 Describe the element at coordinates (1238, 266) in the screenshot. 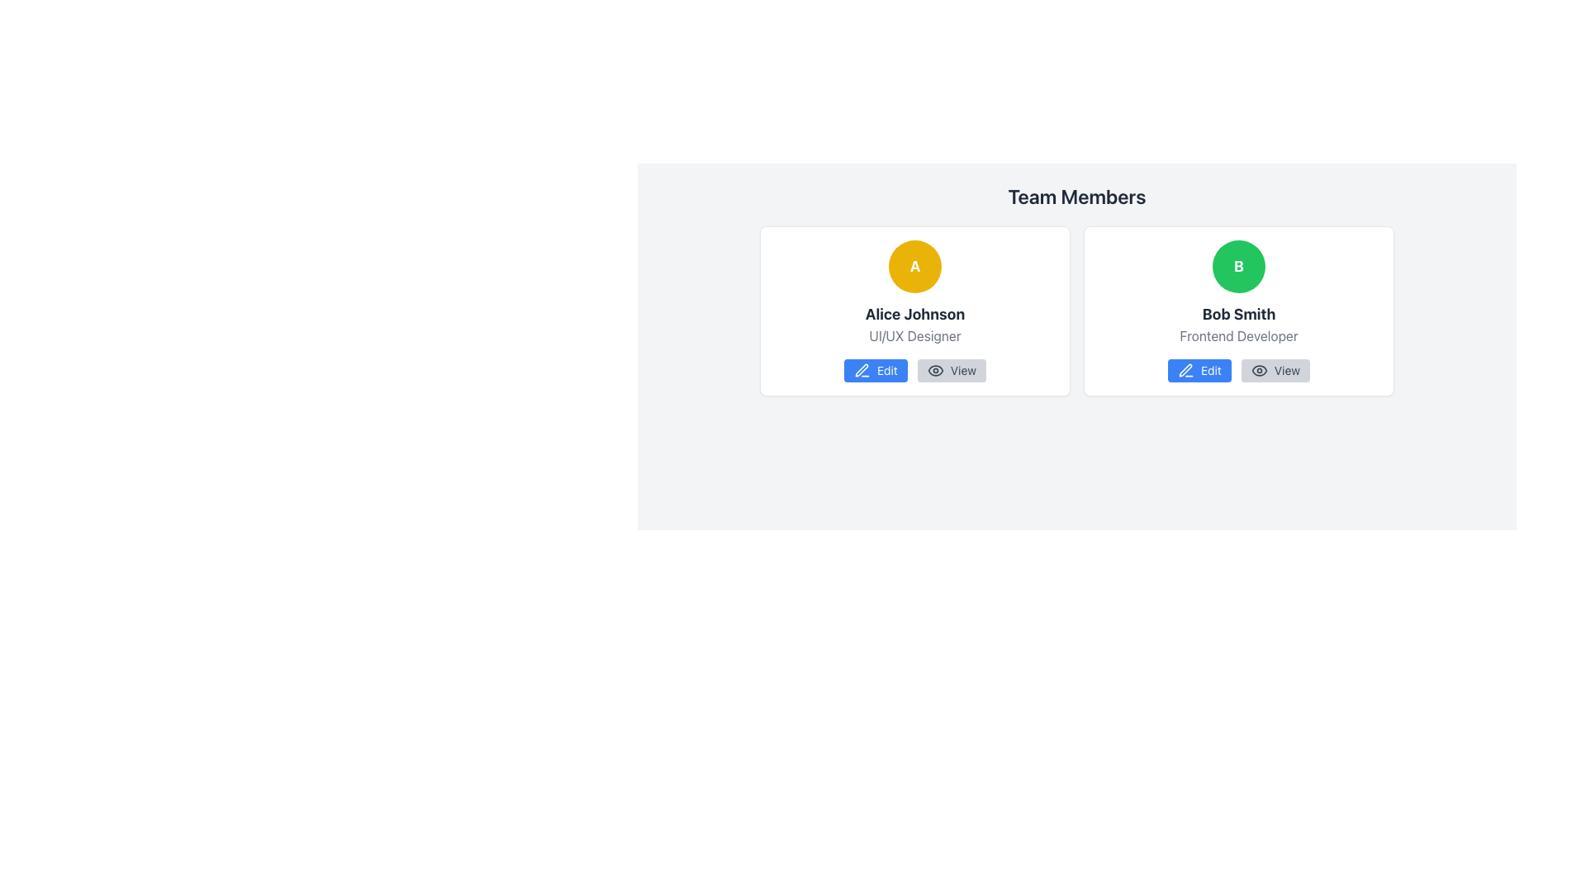

I see `the circular badge with a green background and a bold white uppercase letter 'B' centered within it, located at the top-center of the card representing user 'Bob Smith'` at that location.